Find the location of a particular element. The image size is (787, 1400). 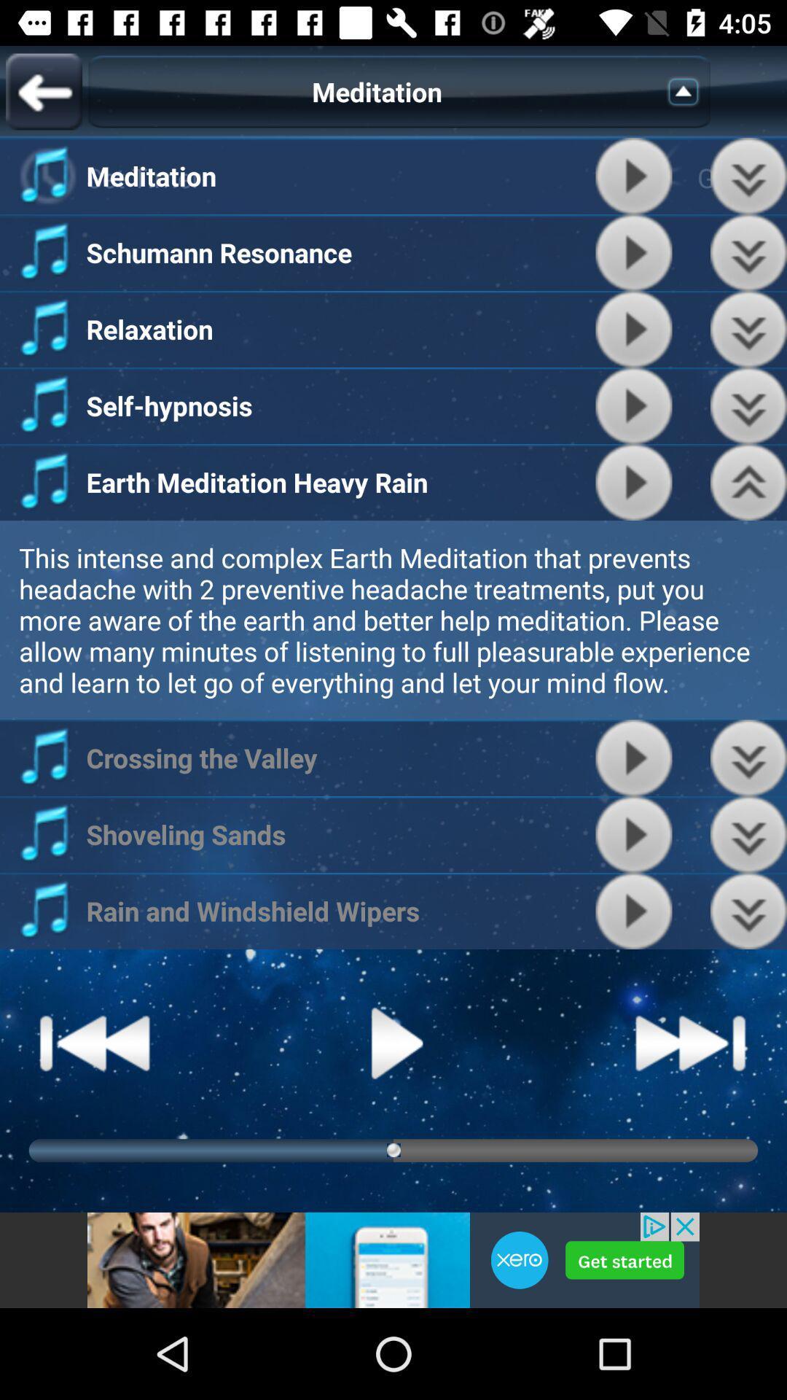

prvious is located at coordinates (748, 252).